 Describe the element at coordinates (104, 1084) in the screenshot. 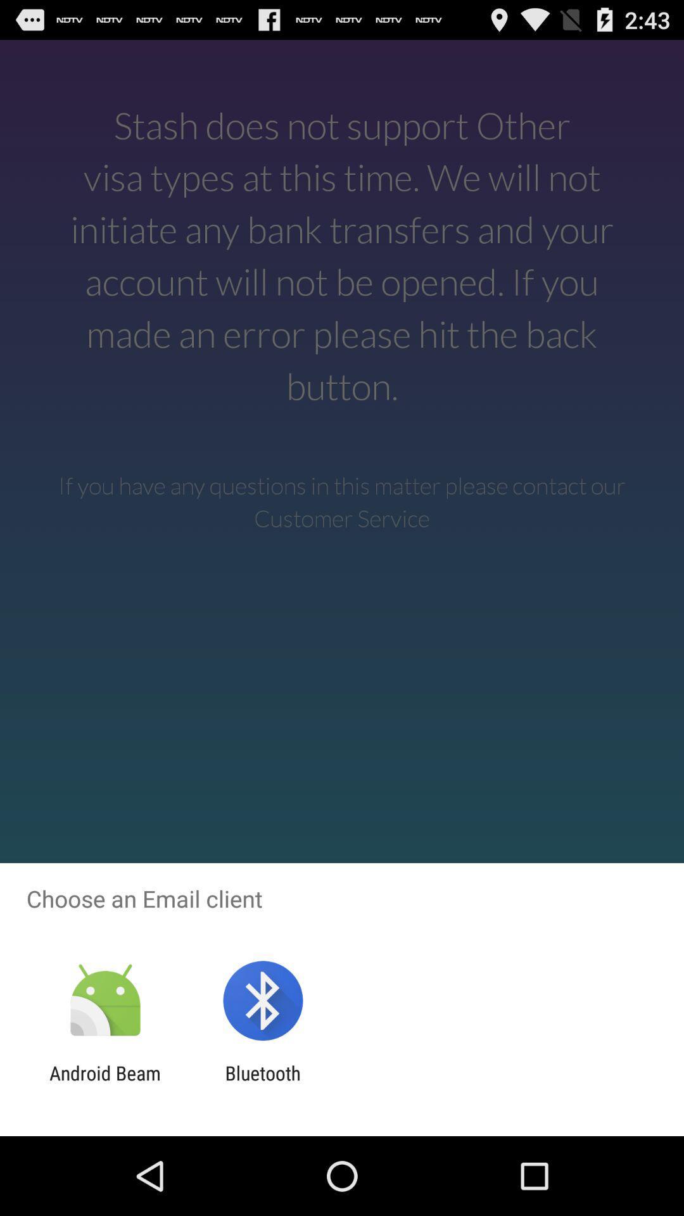

I see `icon next to bluetooth` at that location.